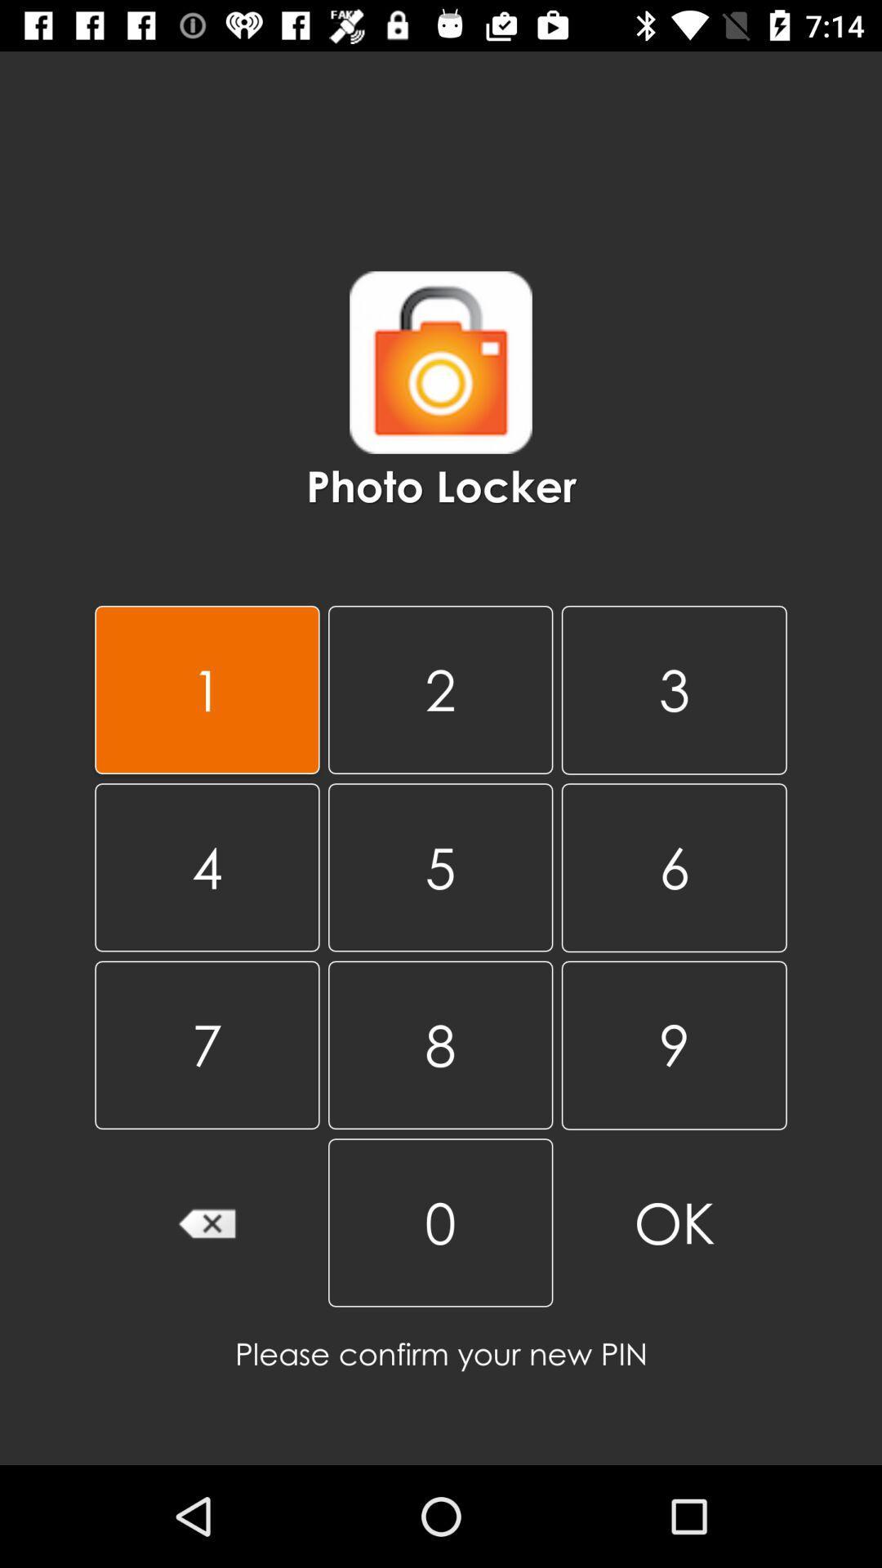  What do you see at coordinates (206, 1223) in the screenshot?
I see `delete` at bounding box center [206, 1223].